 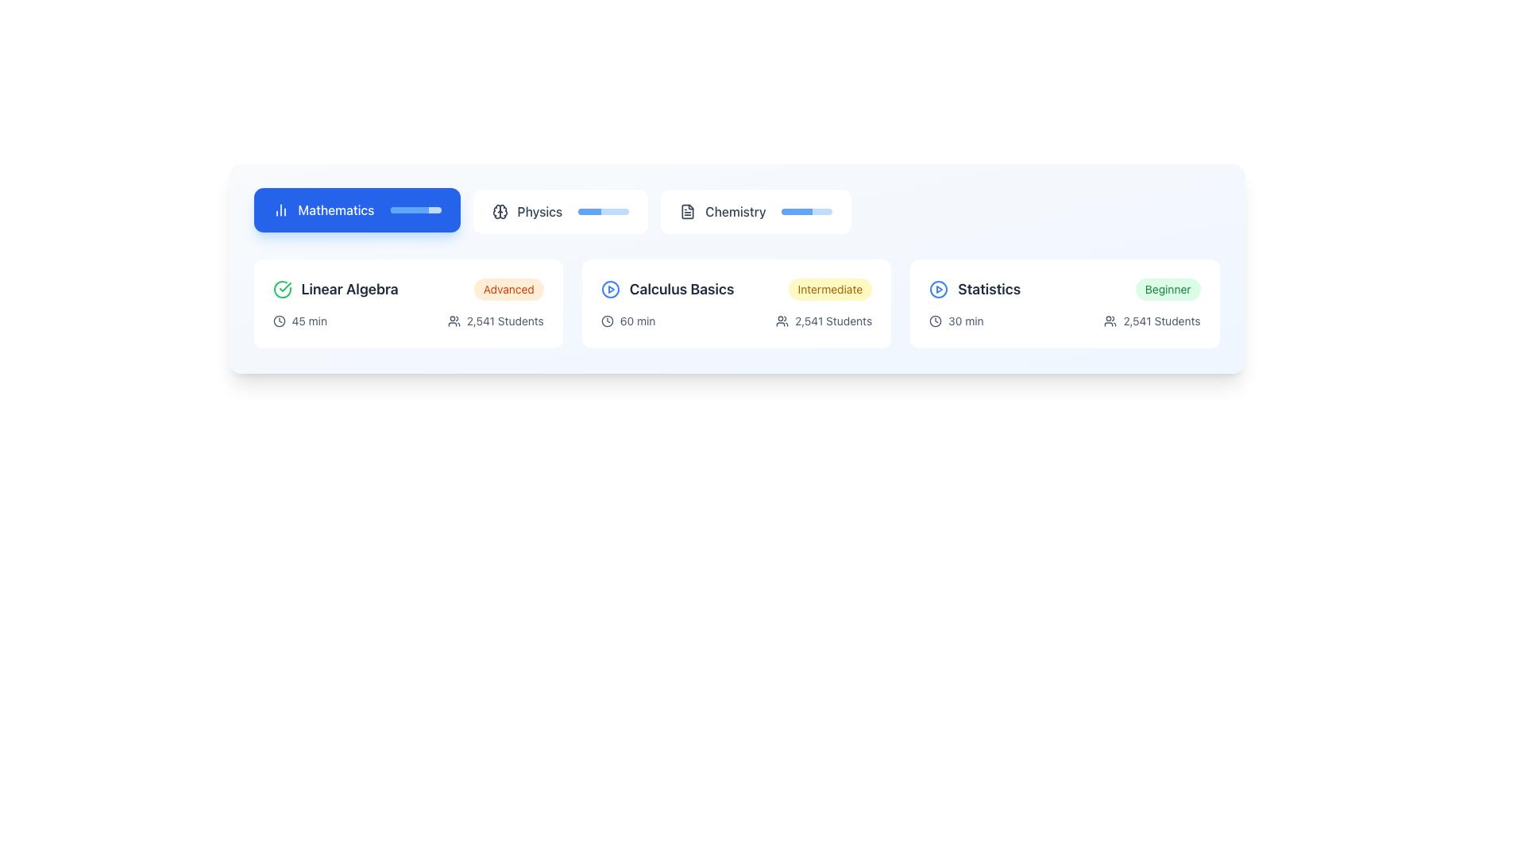 I want to click on text label that says 'Chemistry', which is the third item in a horizontal navigation bar of subjects including 'Mathematics' and 'Physics', so click(x=735, y=210).